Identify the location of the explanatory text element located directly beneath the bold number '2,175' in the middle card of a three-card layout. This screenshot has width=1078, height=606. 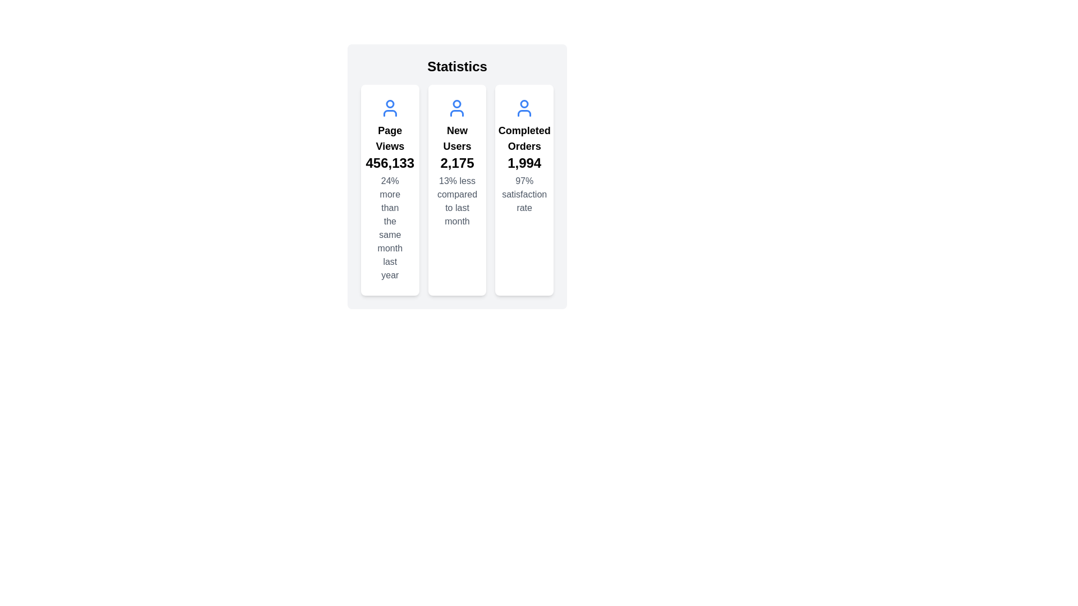
(457, 200).